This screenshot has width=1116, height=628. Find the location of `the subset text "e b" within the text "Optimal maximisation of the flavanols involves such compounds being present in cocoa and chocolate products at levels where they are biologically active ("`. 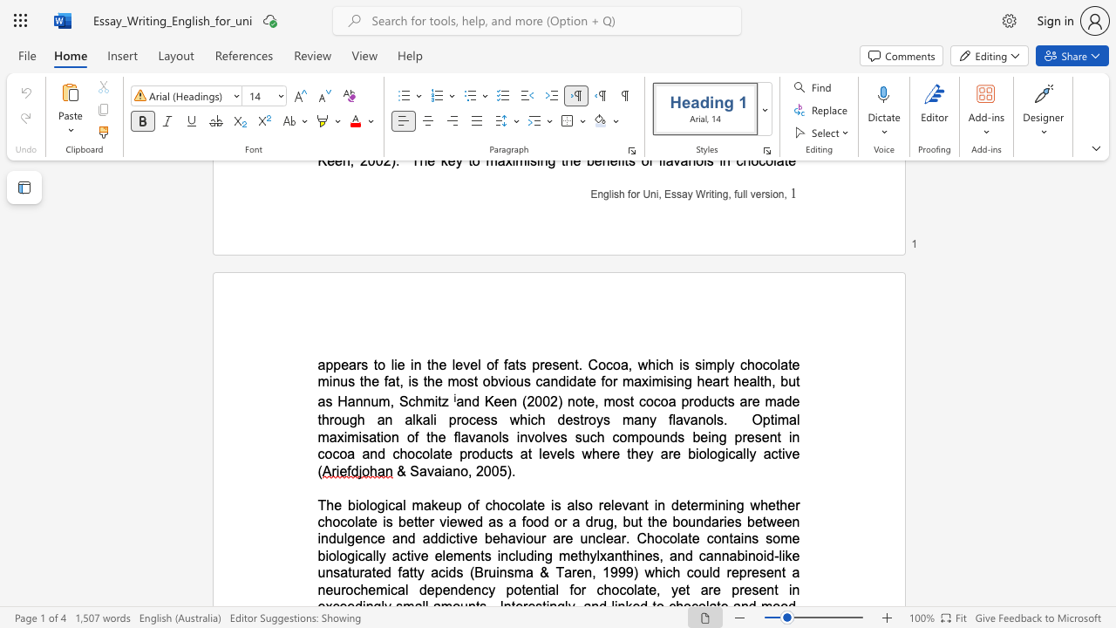

the subset text "e b" within the text "Optimal maximisation of the flavanols involves such compounds being present in cocoa and chocolate products at levels where they are biologically active (" is located at coordinates (671, 453).